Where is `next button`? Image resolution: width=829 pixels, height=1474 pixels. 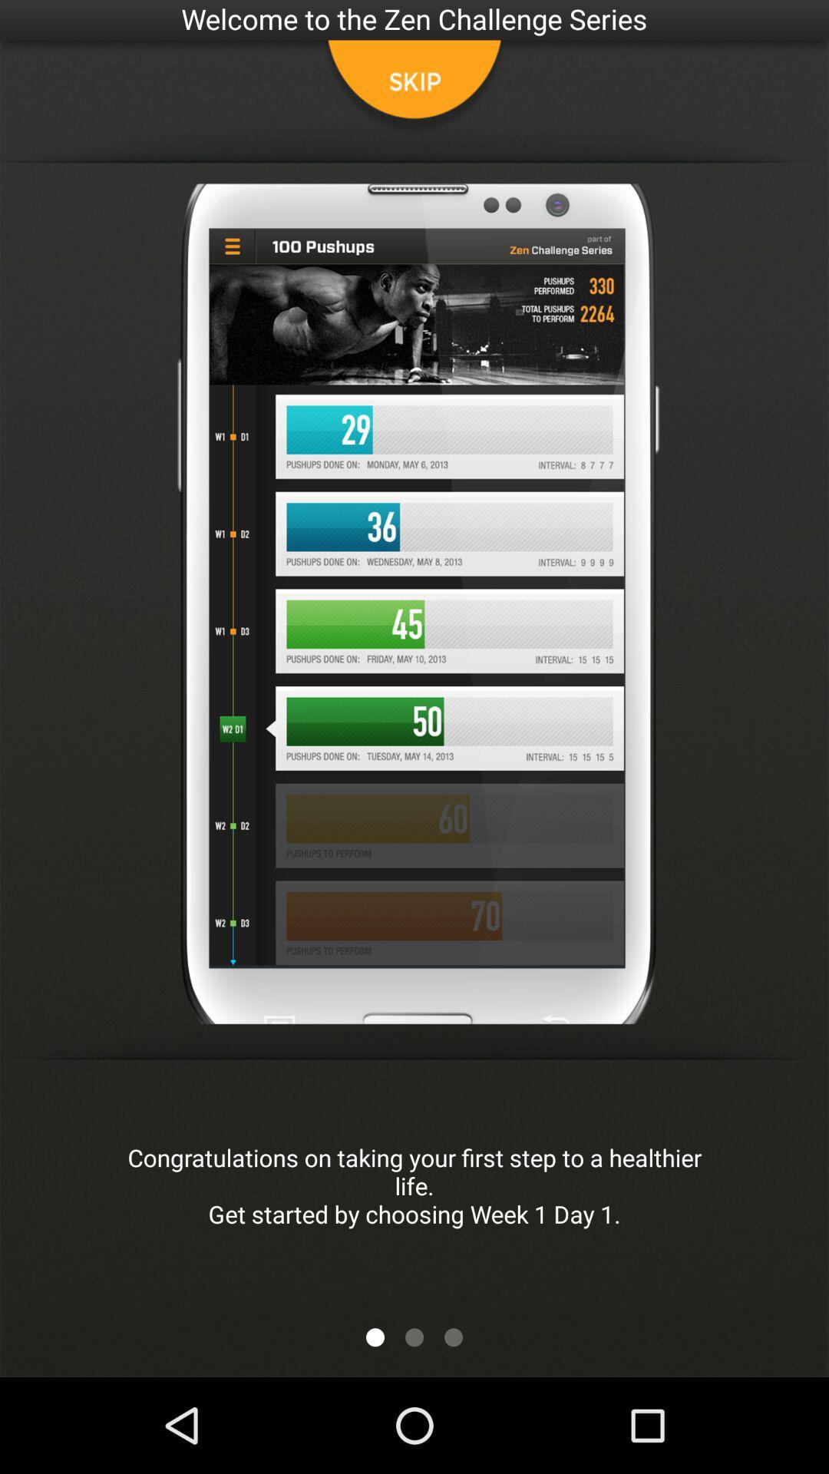 next button is located at coordinates (452, 1337).